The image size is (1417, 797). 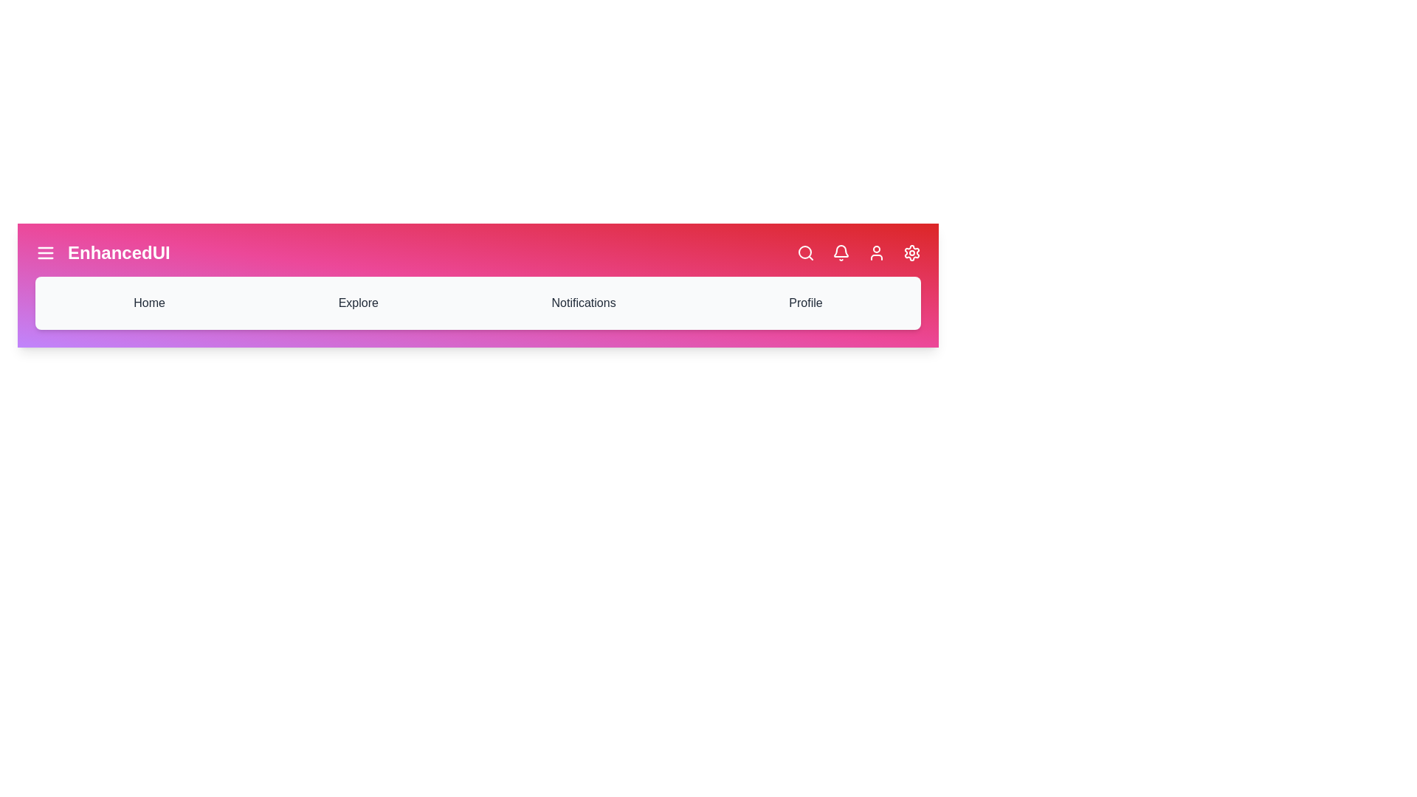 What do you see at coordinates (119, 252) in the screenshot?
I see `the text element labeled 'EnhancedUI' to read its content` at bounding box center [119, 252].